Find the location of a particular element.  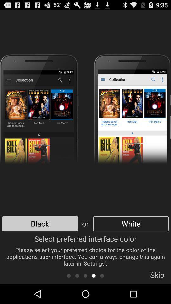

the white icon is located at coordinates (130, 224).